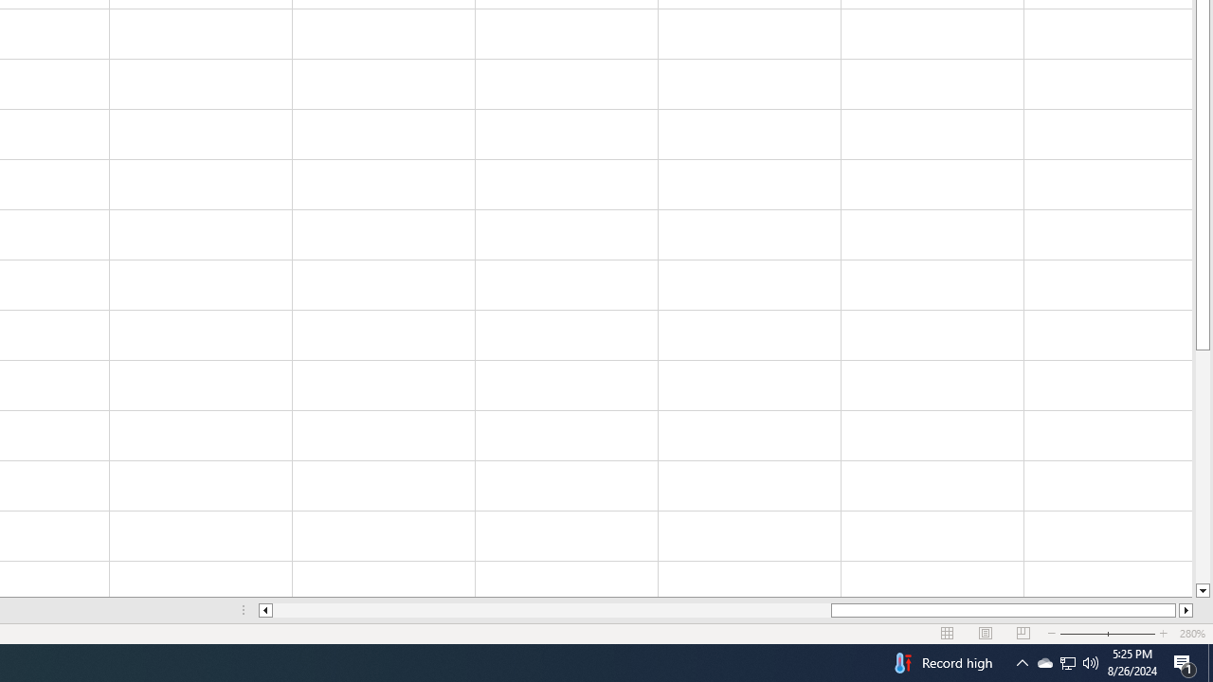 Image resolution: width=1213 pixels, height=682 pixels. Describe the element at coordinates (1107, 634) in the screenshot. I see `'Zoom'` at that location.